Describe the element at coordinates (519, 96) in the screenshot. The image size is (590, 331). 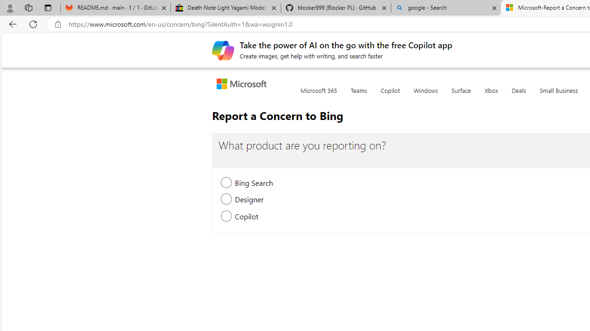
I see `'Deals'` at that location.